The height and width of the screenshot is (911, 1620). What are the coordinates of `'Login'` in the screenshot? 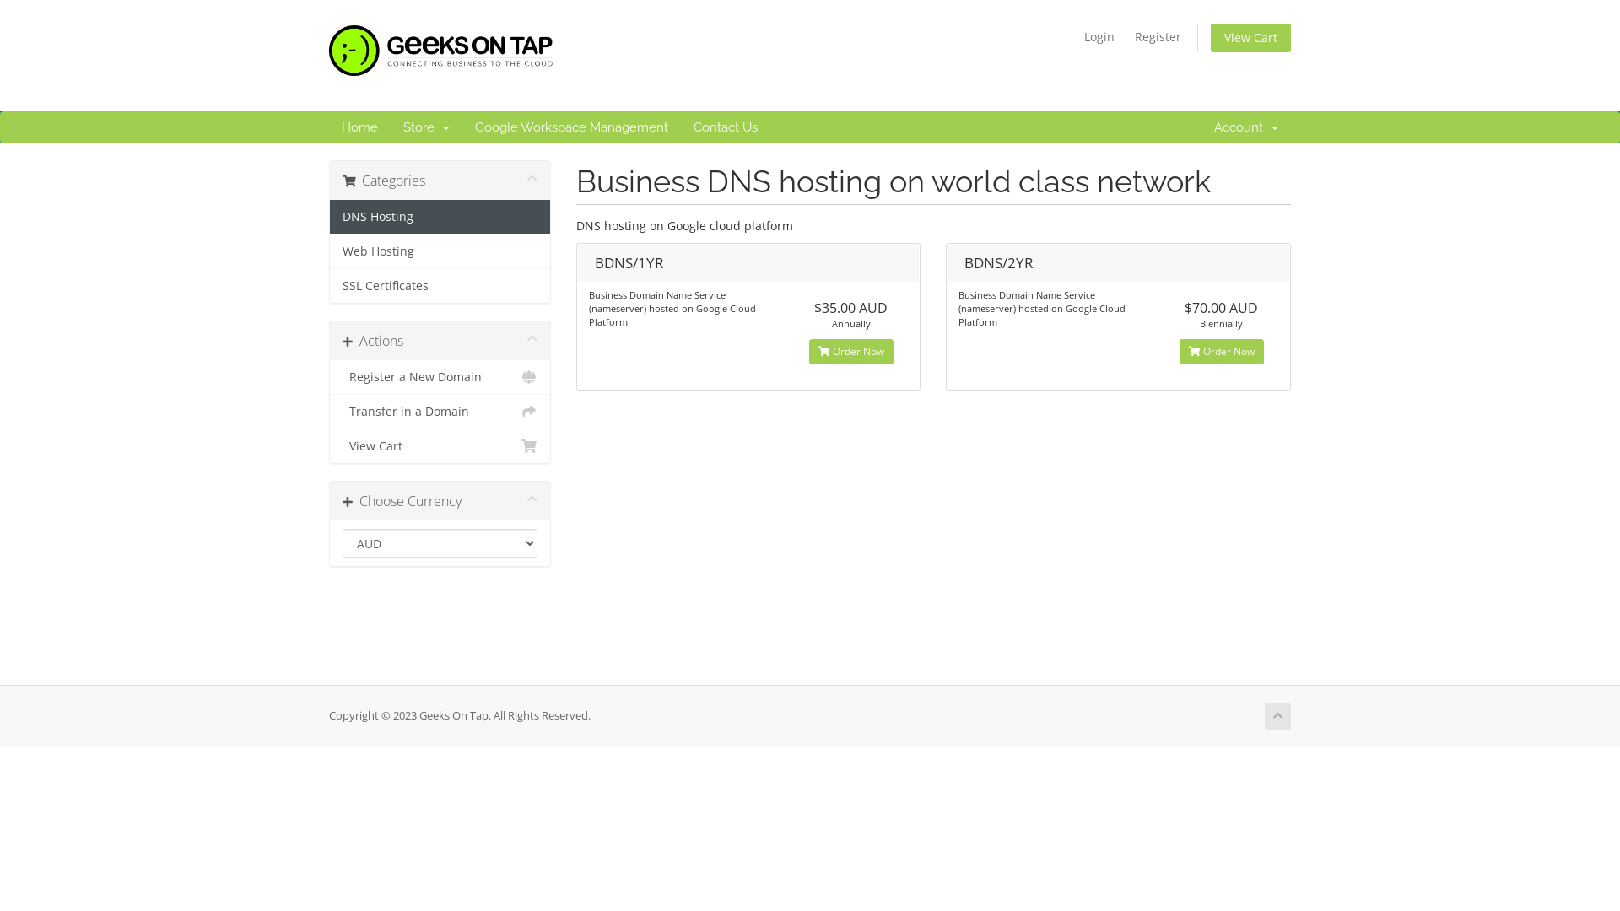 It's located at (1075, 36).